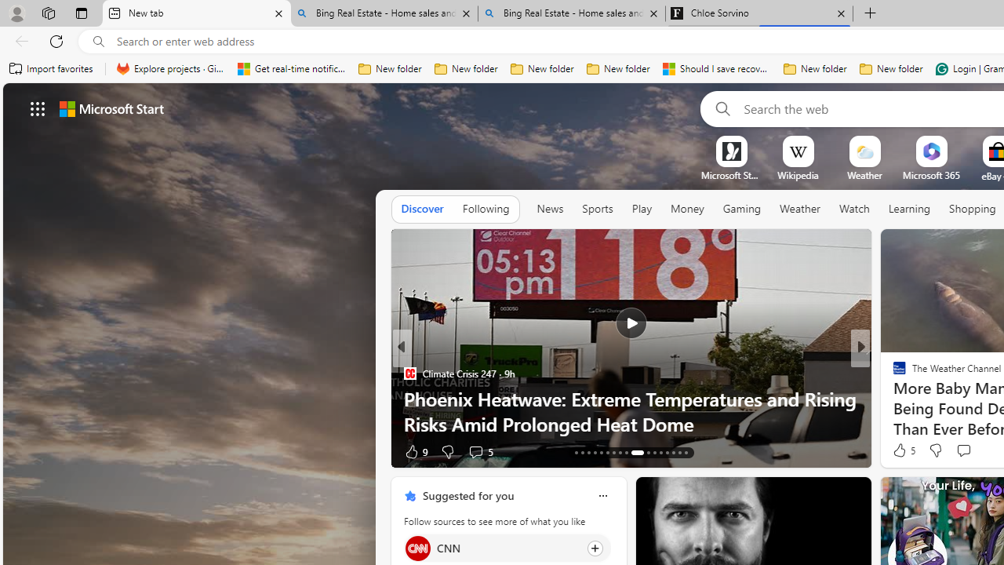 The image size is (1004, 565). What do you see at coordinates (715, 68) in the screenshot?
I see `'Should I save recovered Word documents? - Microsoft Support'` at bounding box center [715, 68].